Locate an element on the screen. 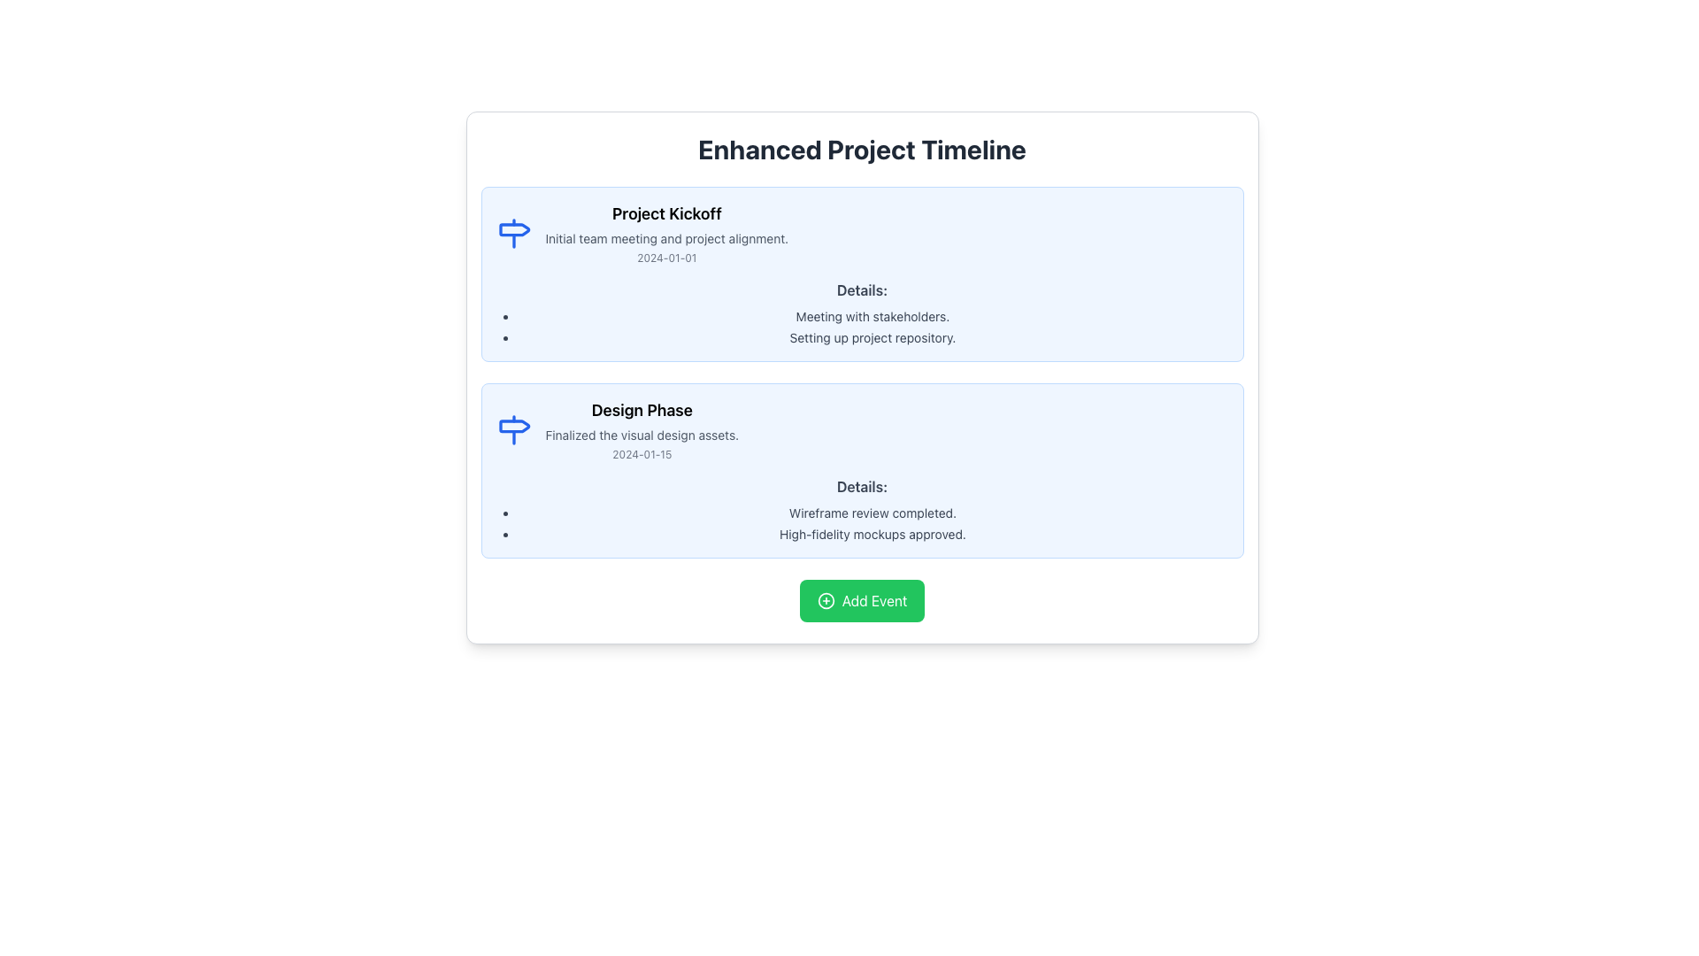  text content that serves as the first item in the bullet-point list under the 'Details:' label in the 'Design Phase' section of the 'Enhanced Project Timeline' interface is located at coordinates (873, 513).